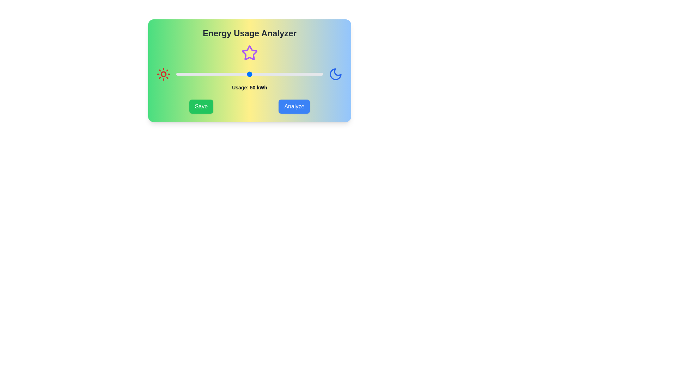 This screenshot has width=677, height=380. Describe the element at coordinates (250, 52) in the screenshot. I see `the star icon to interact with it` at that location.